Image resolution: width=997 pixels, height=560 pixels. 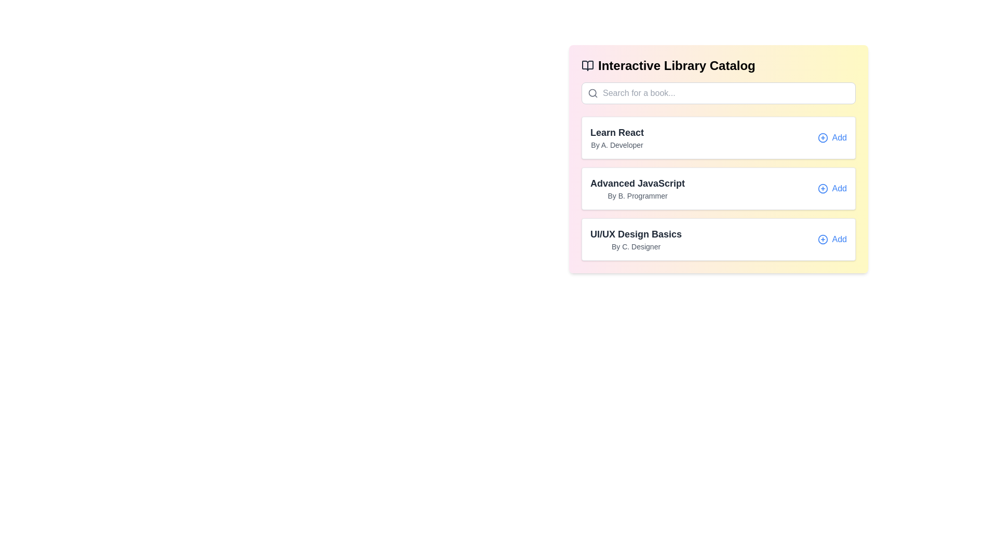 I want to click on the circular icon button with a plus symbol inside, which has a thin blue border and transparent background, located to the right of the 'UI/UX Design Basics' list item in the 'Interactive Library Catalog' interface, so click(x=822, y=240).